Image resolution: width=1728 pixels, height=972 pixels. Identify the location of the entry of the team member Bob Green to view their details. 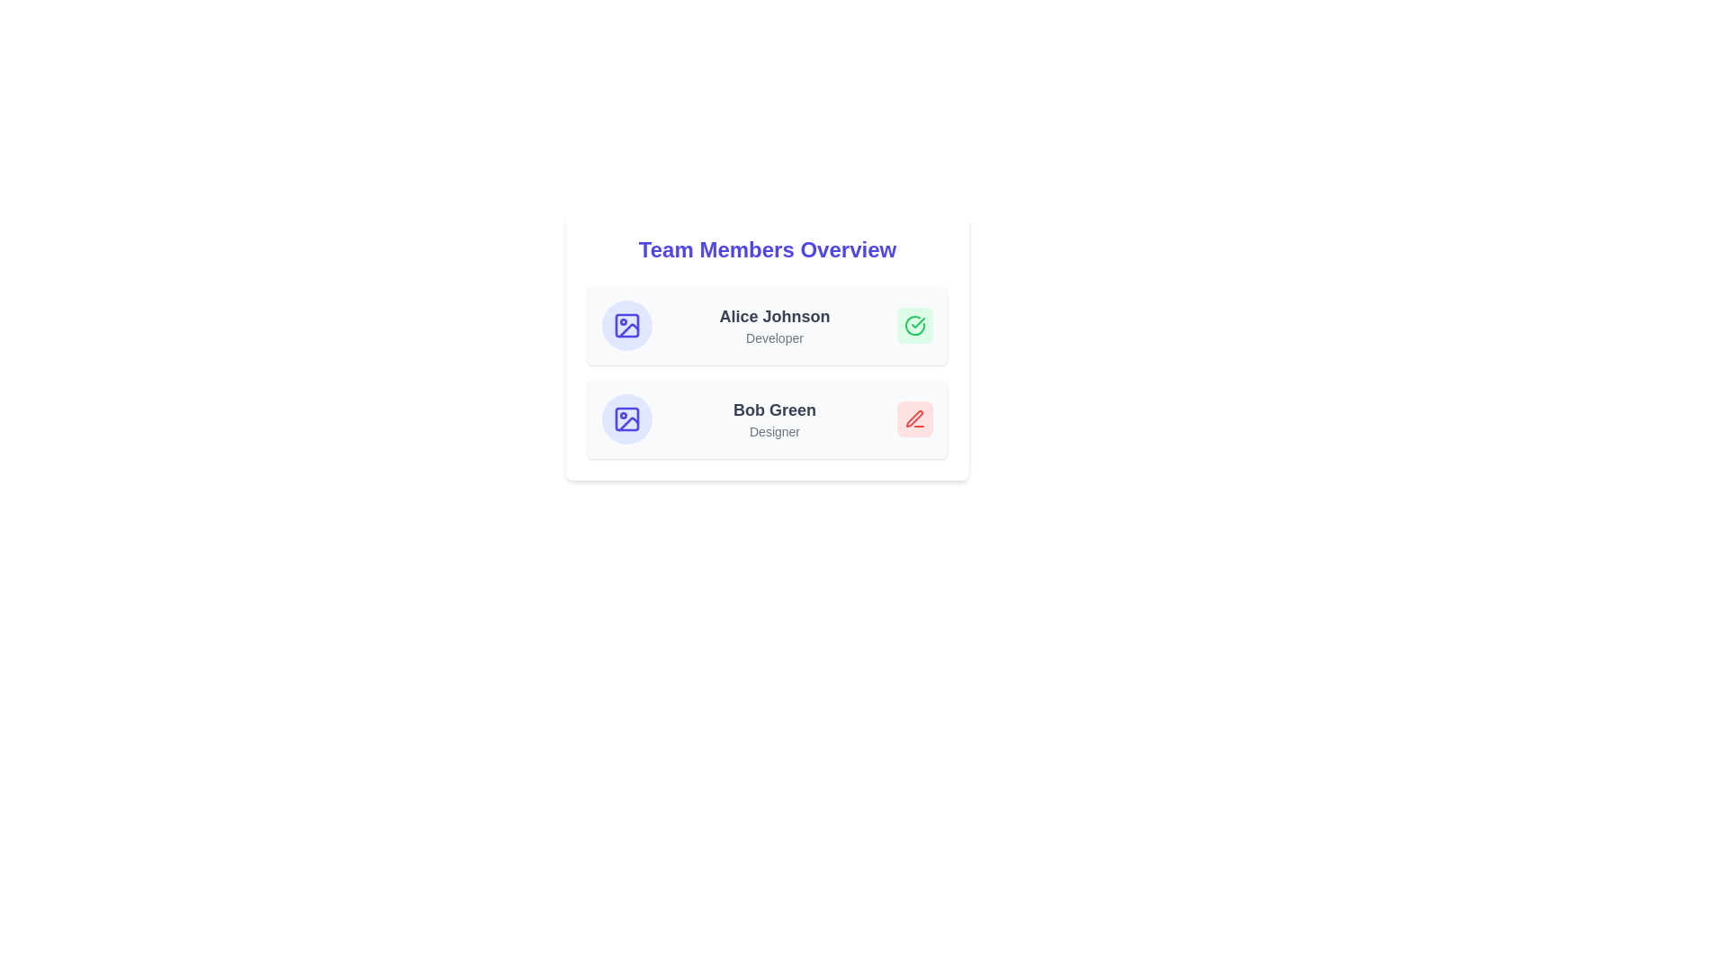
(768, 419).